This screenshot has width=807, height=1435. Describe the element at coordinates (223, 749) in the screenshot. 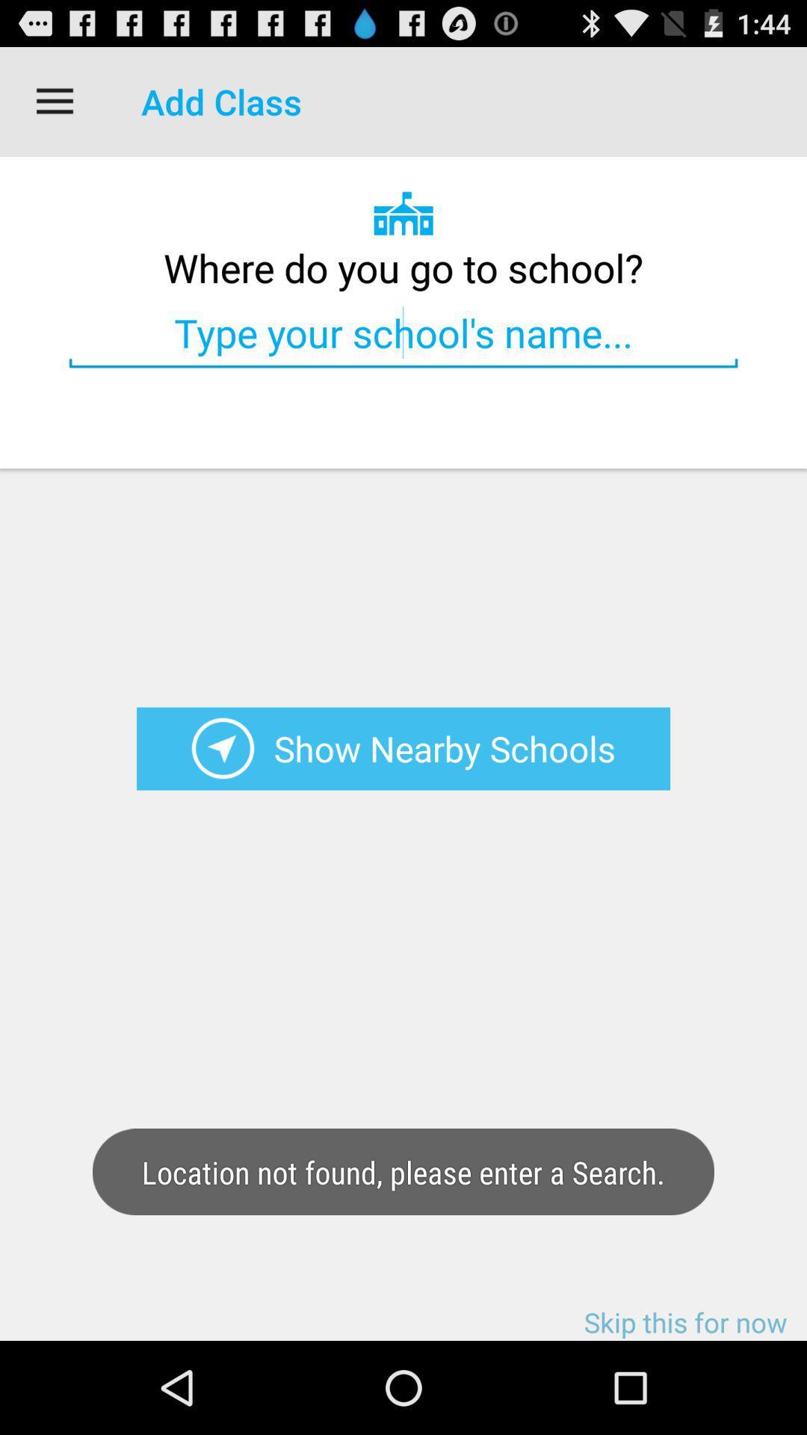

I see `show nearby schools` at that location.